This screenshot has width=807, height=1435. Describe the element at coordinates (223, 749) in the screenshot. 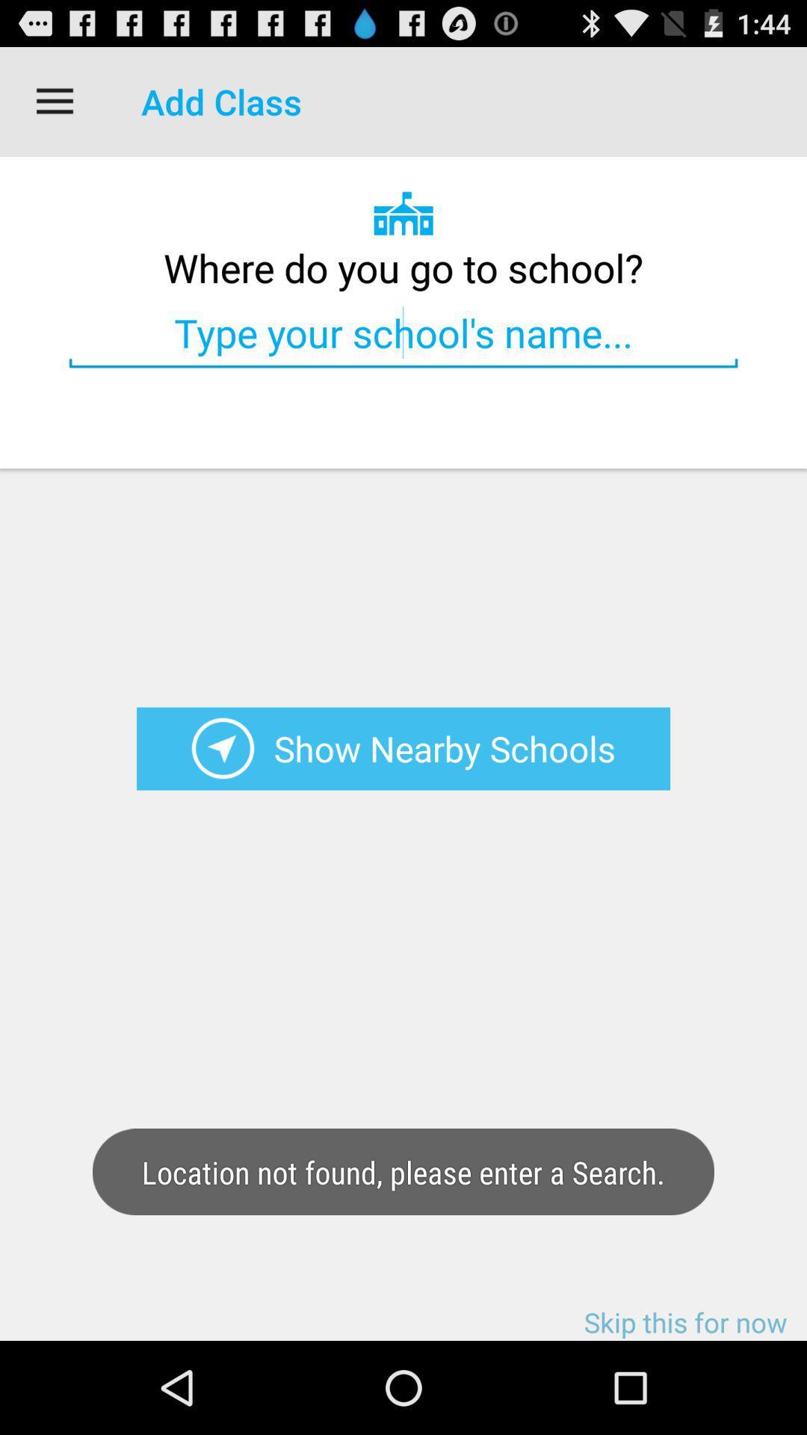

I see `show nearby schools` at that location.